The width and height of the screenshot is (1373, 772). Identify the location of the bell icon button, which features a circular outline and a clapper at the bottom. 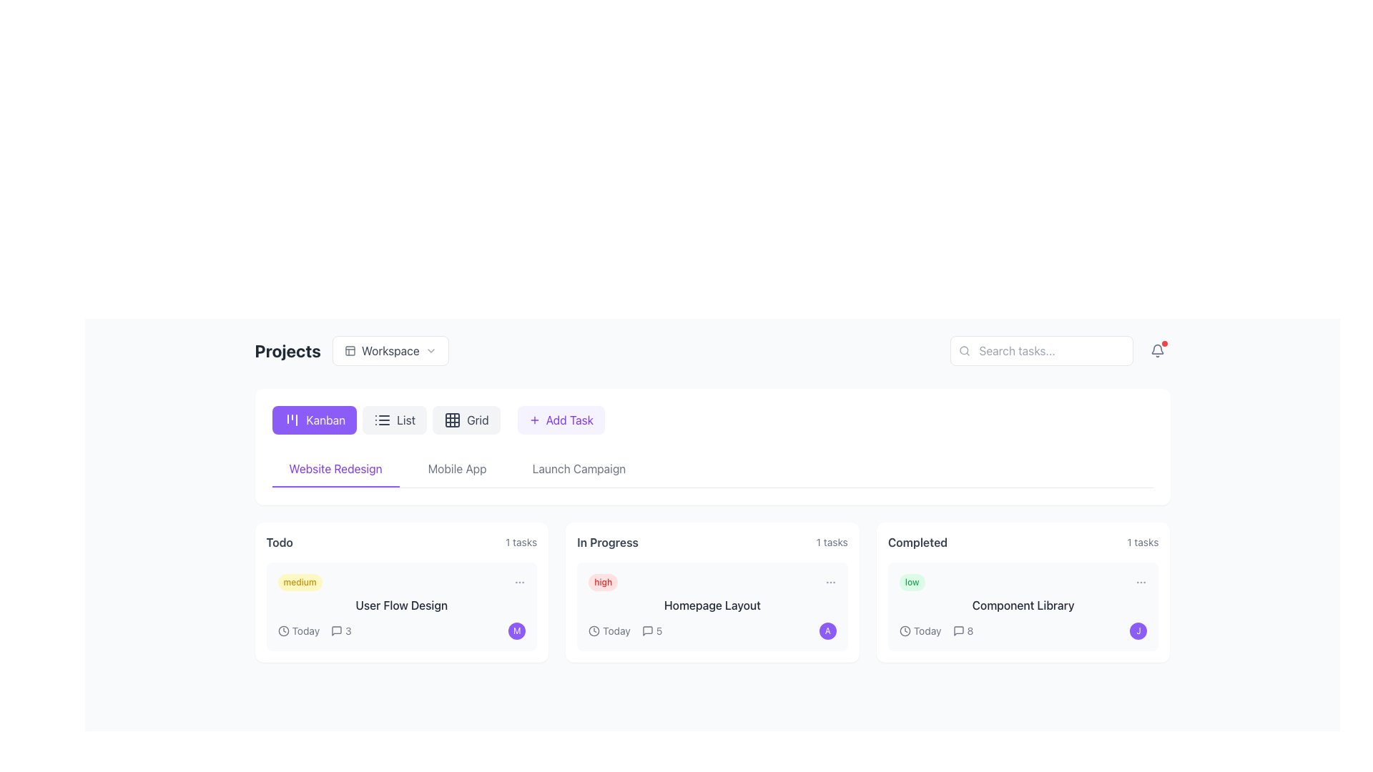
(1157, 350).